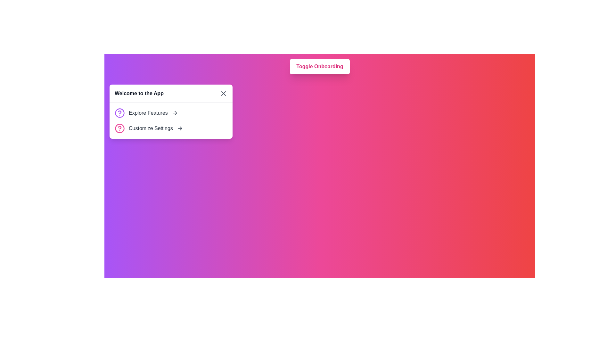 This screenshot has width=615, height=346. I want to click on the chevron icon at the end of the 'Customize Settings' line within a card-like interface, so click(176, 113).